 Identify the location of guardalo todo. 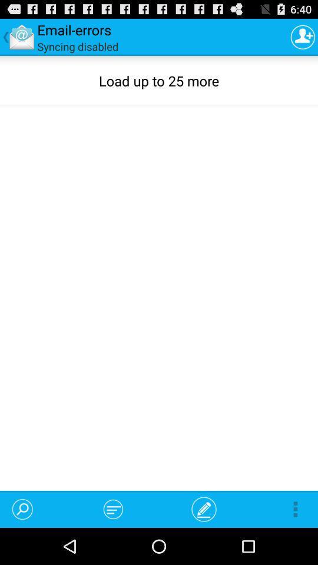
(303, 36).